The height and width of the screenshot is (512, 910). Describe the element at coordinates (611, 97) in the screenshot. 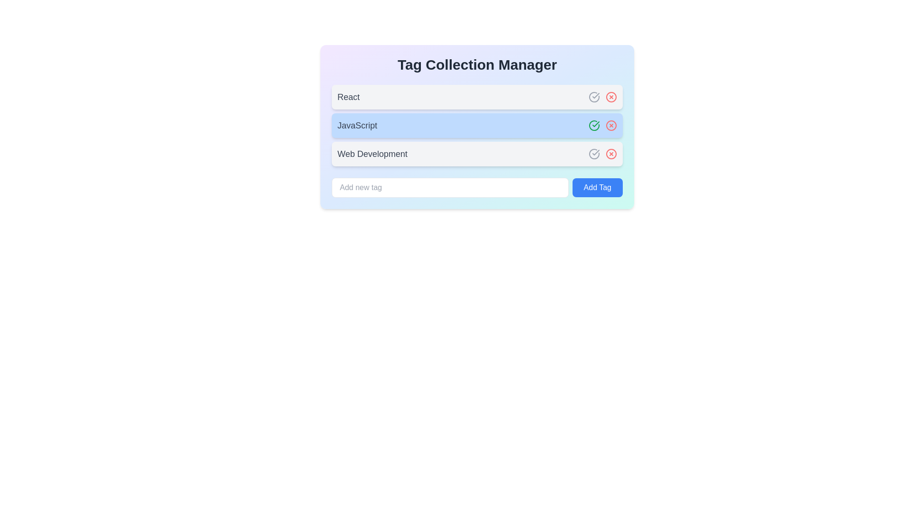

I see `the delete button located on the right section of the horizontal list entry labeled 'React'` at that location.